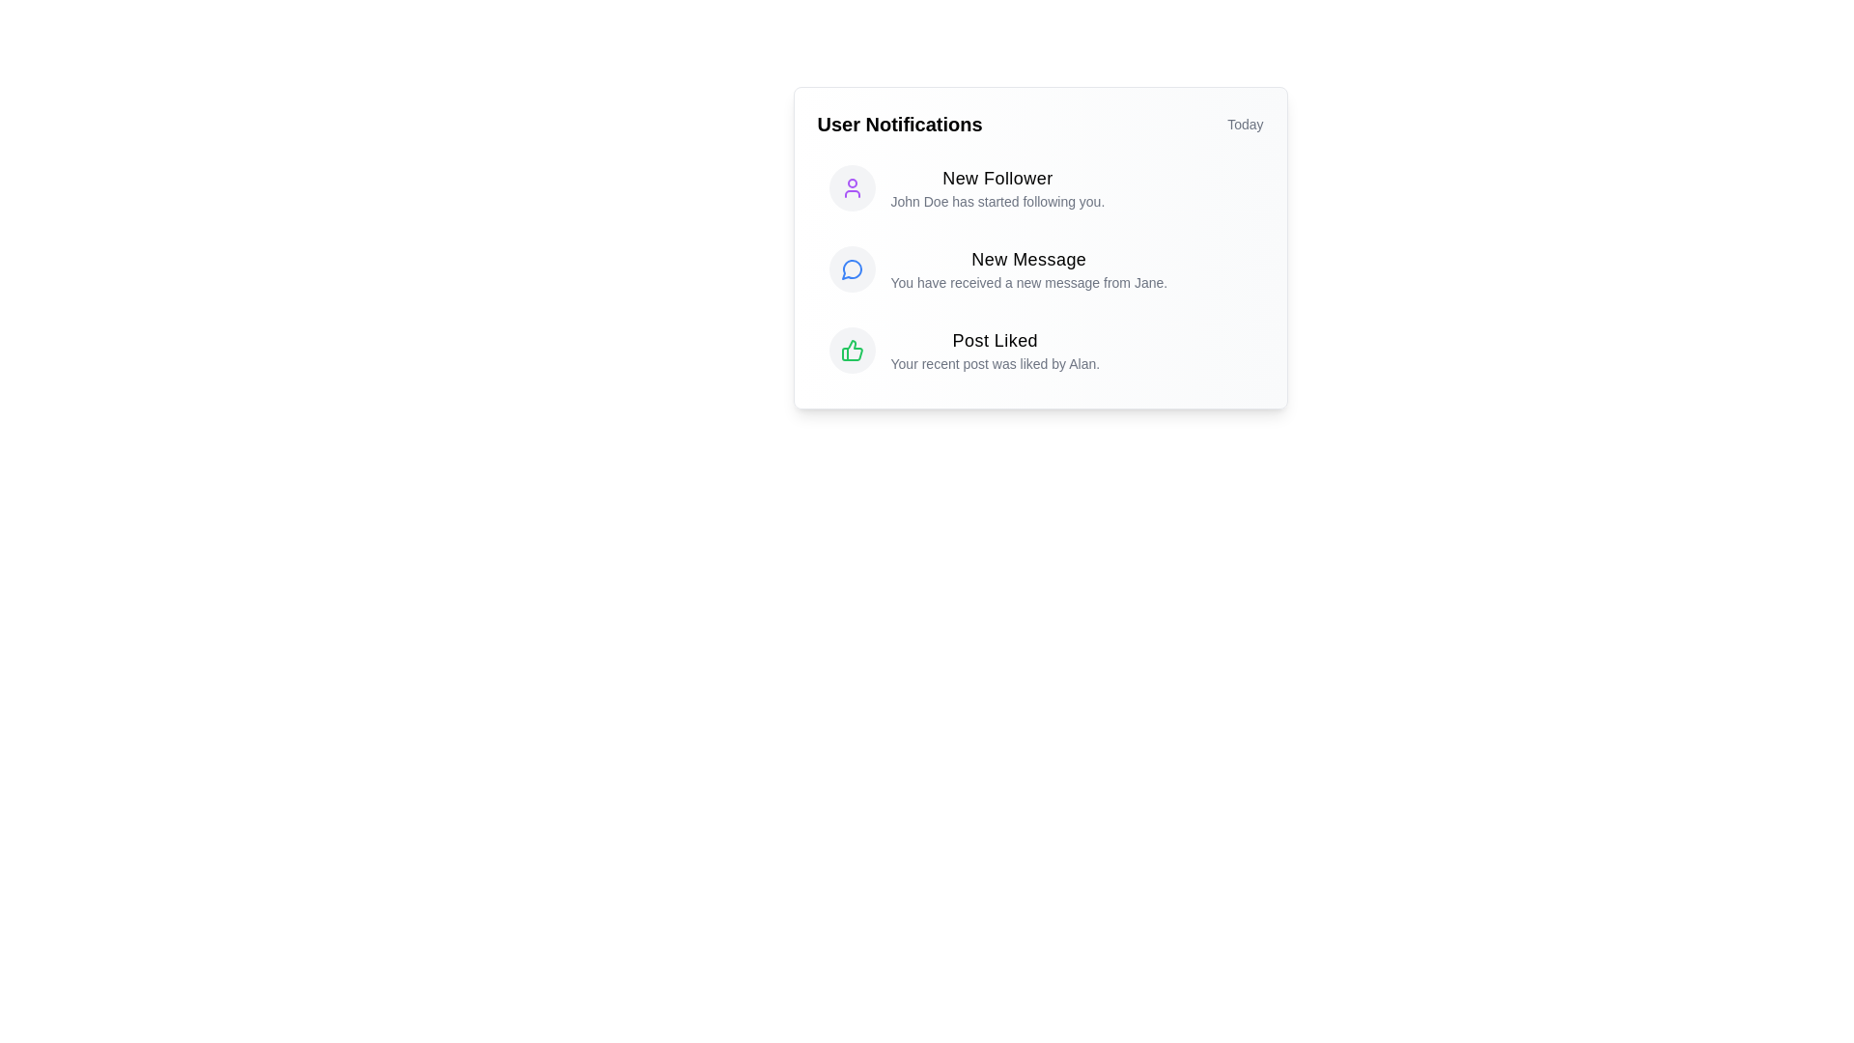 This screenshot has width=1854, height=1043. Describe the element at coordinates (1039, 350) in the screenshot. I see `notification indicating that Alan liked the user's post, which is located at the bottom of the notification list` at that location.